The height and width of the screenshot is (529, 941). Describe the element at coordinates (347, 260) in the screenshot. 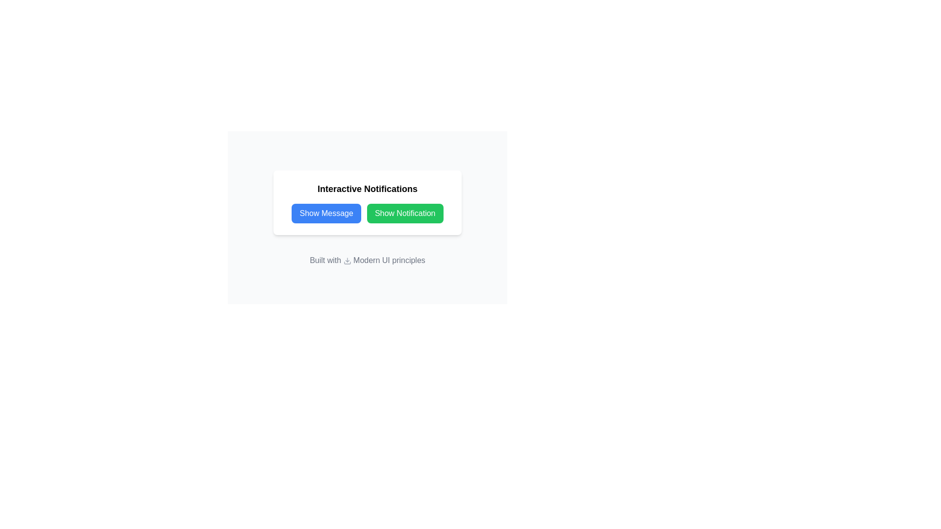

I see `the download icon, which is a downward arrow located to the left of the phrase 'Built with Modern UI principles.'` at that location.